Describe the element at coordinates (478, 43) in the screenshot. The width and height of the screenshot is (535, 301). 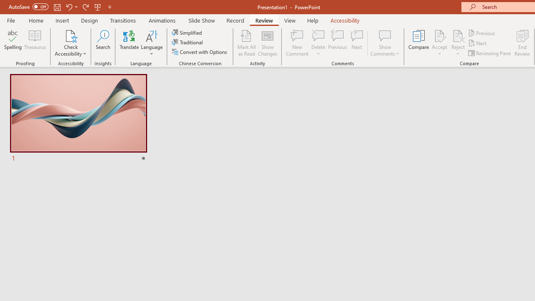
I see `'Next'` at that location.